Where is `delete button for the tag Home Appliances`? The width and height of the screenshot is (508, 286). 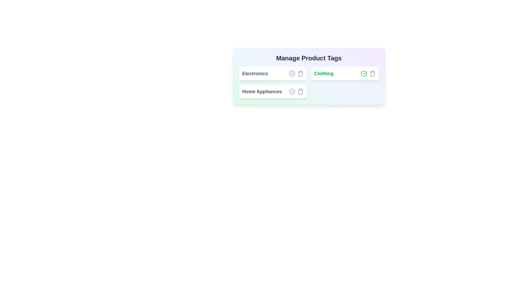 delete button for the tag Home Appliances is located at coordinates (300, 91).